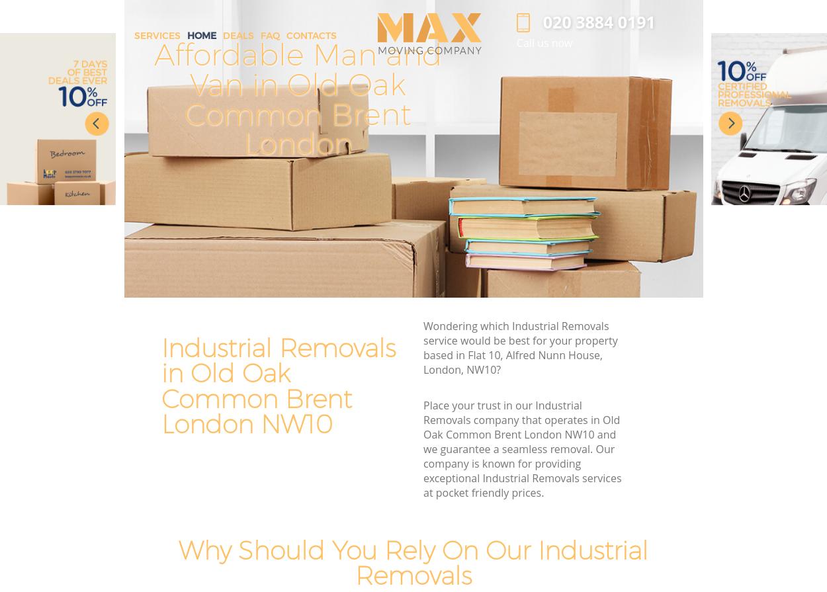  I want to click on 'Why Should You Rely On Our Industrial Removals', so click(179, 562).